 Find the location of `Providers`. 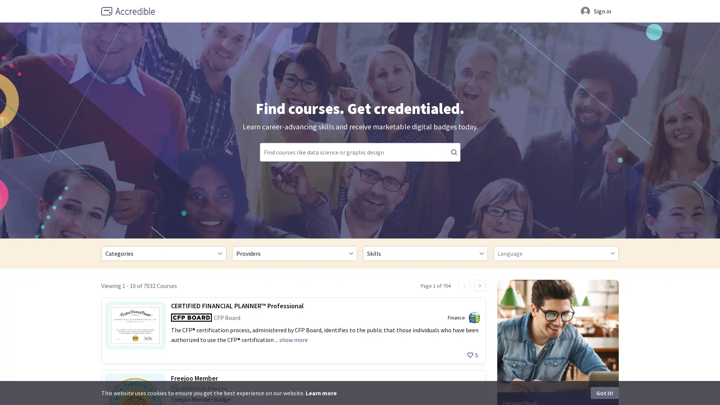

Providers is located at coordinates (294, 253).